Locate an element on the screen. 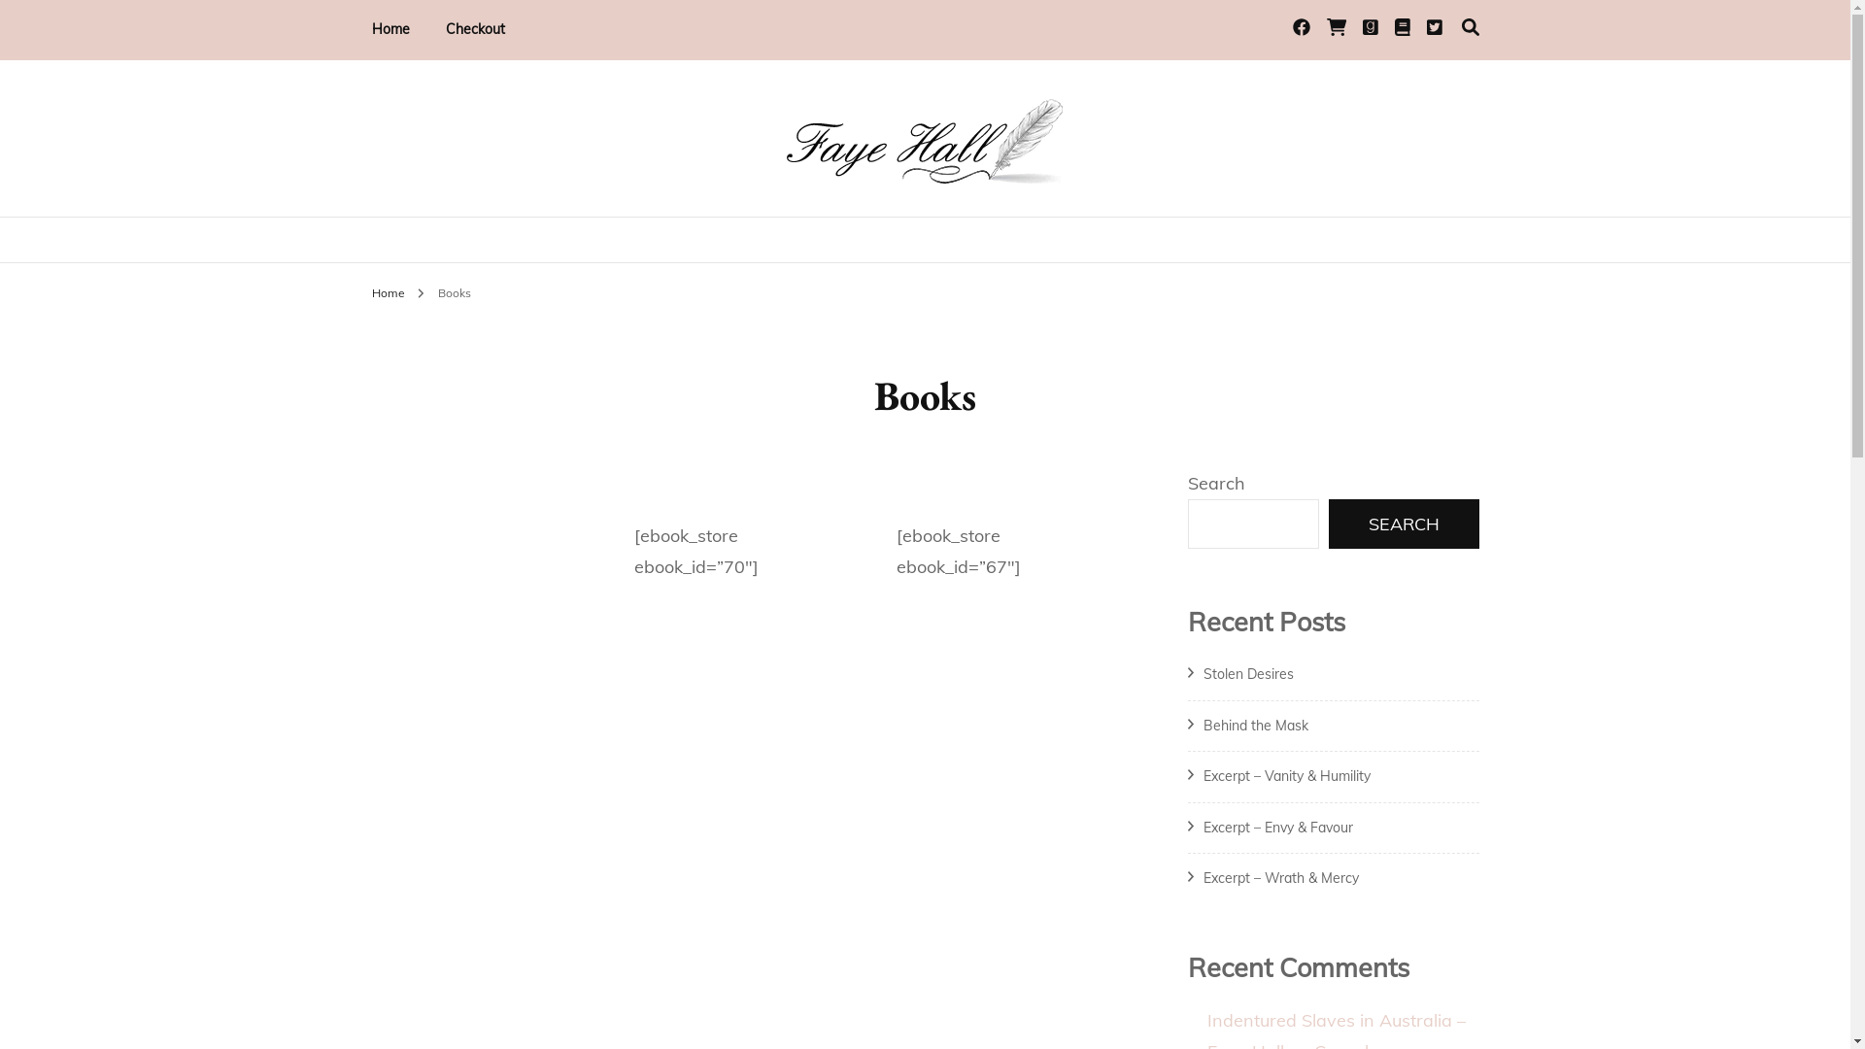 The image size is (1865, 1049). 'Home' is located at coordinates (371, 292).